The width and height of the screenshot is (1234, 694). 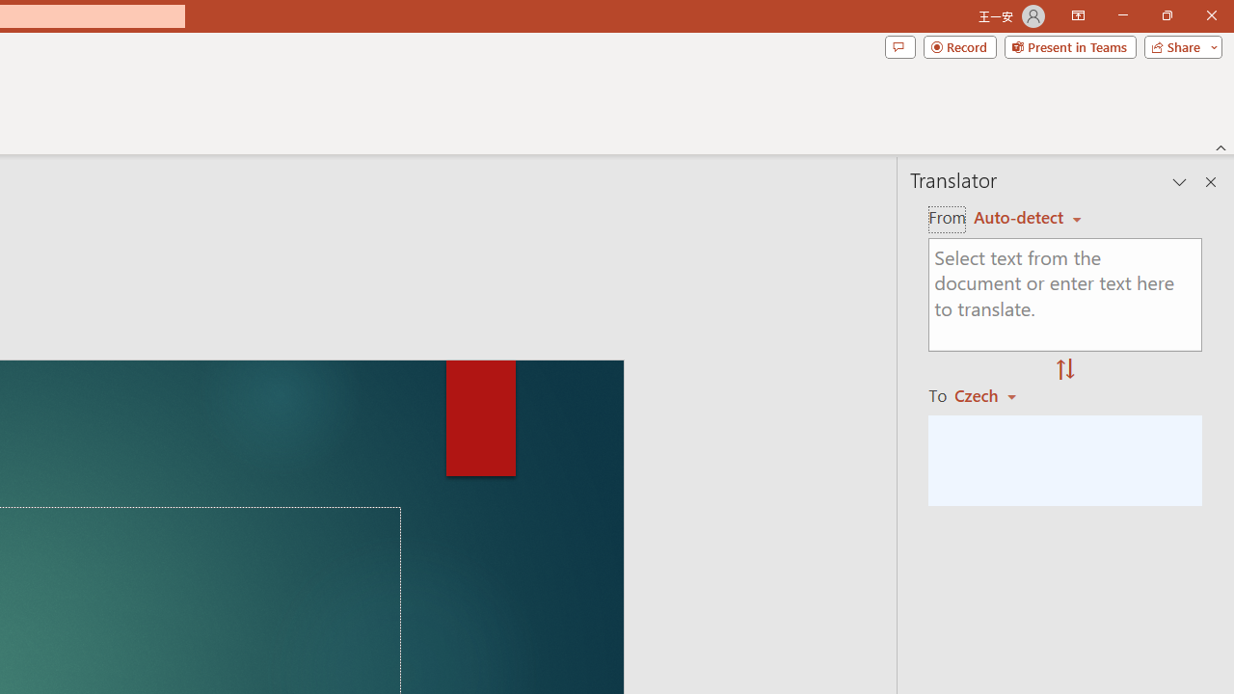 What do you see at coordinates (994, 394) in the screenshot?
I see `'Czech'` at bounding box center [994, 394].